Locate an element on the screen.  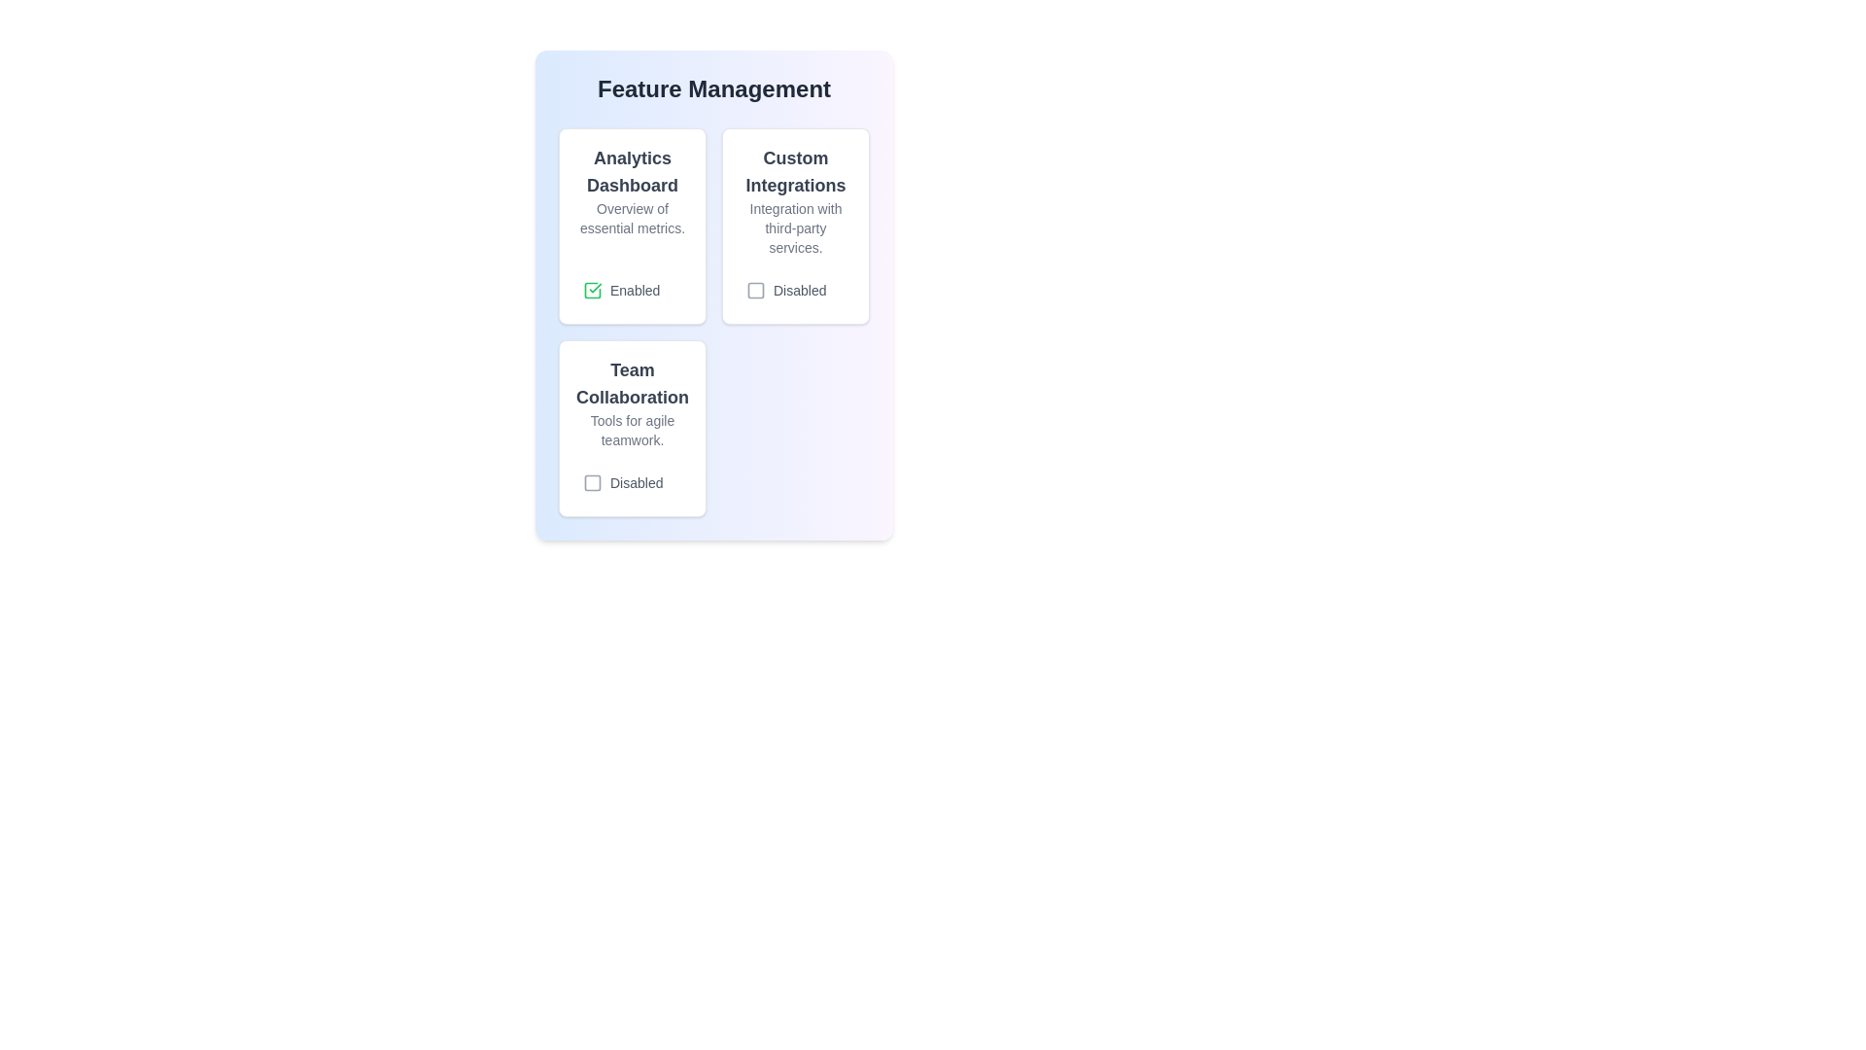
text content of the text block containing the phrase 'Tools for agile teamwork.' which is styled with gray text and located below the heading 'Team Collaboration.' is located at coordinates (633, 430).